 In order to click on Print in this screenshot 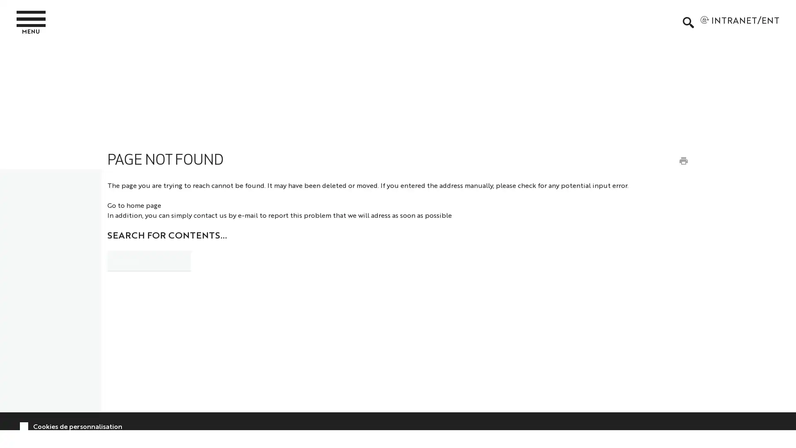, I will do `click(683, 160)`.